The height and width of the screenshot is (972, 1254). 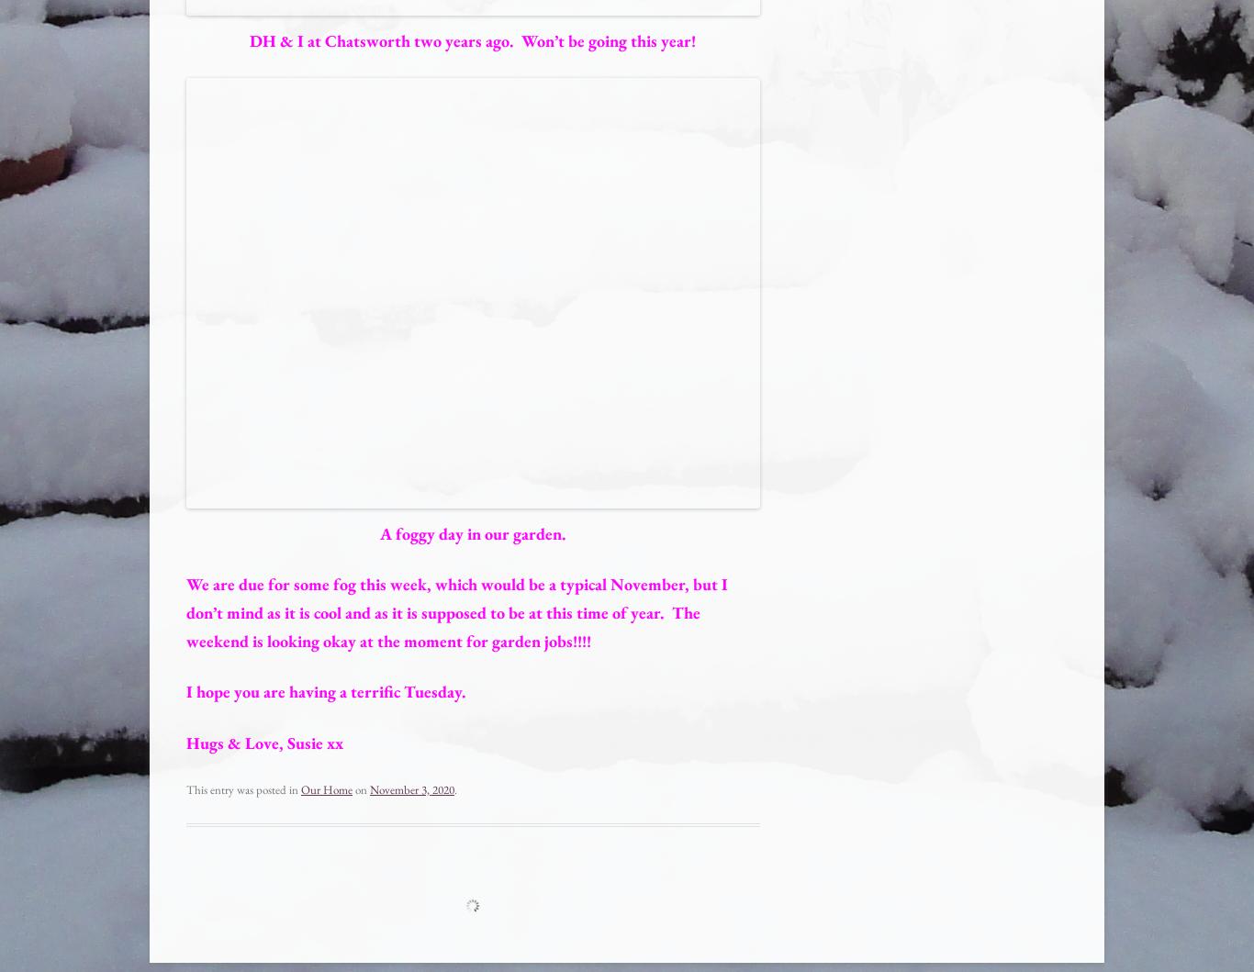 I want to click on 'I hope you are having a terrific Tuesday.', so click(x=325, y=690).